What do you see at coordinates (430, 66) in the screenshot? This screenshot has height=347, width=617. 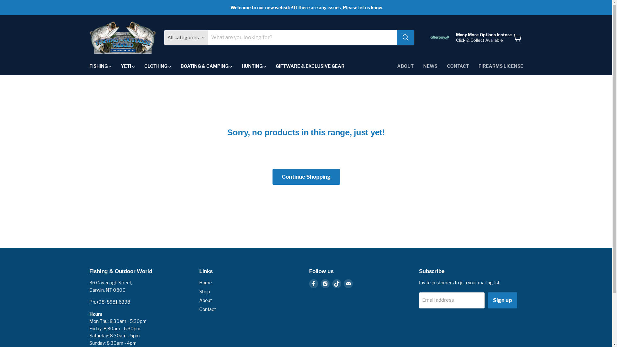 I see `'NEWS'` at bounding box center [430, 66].